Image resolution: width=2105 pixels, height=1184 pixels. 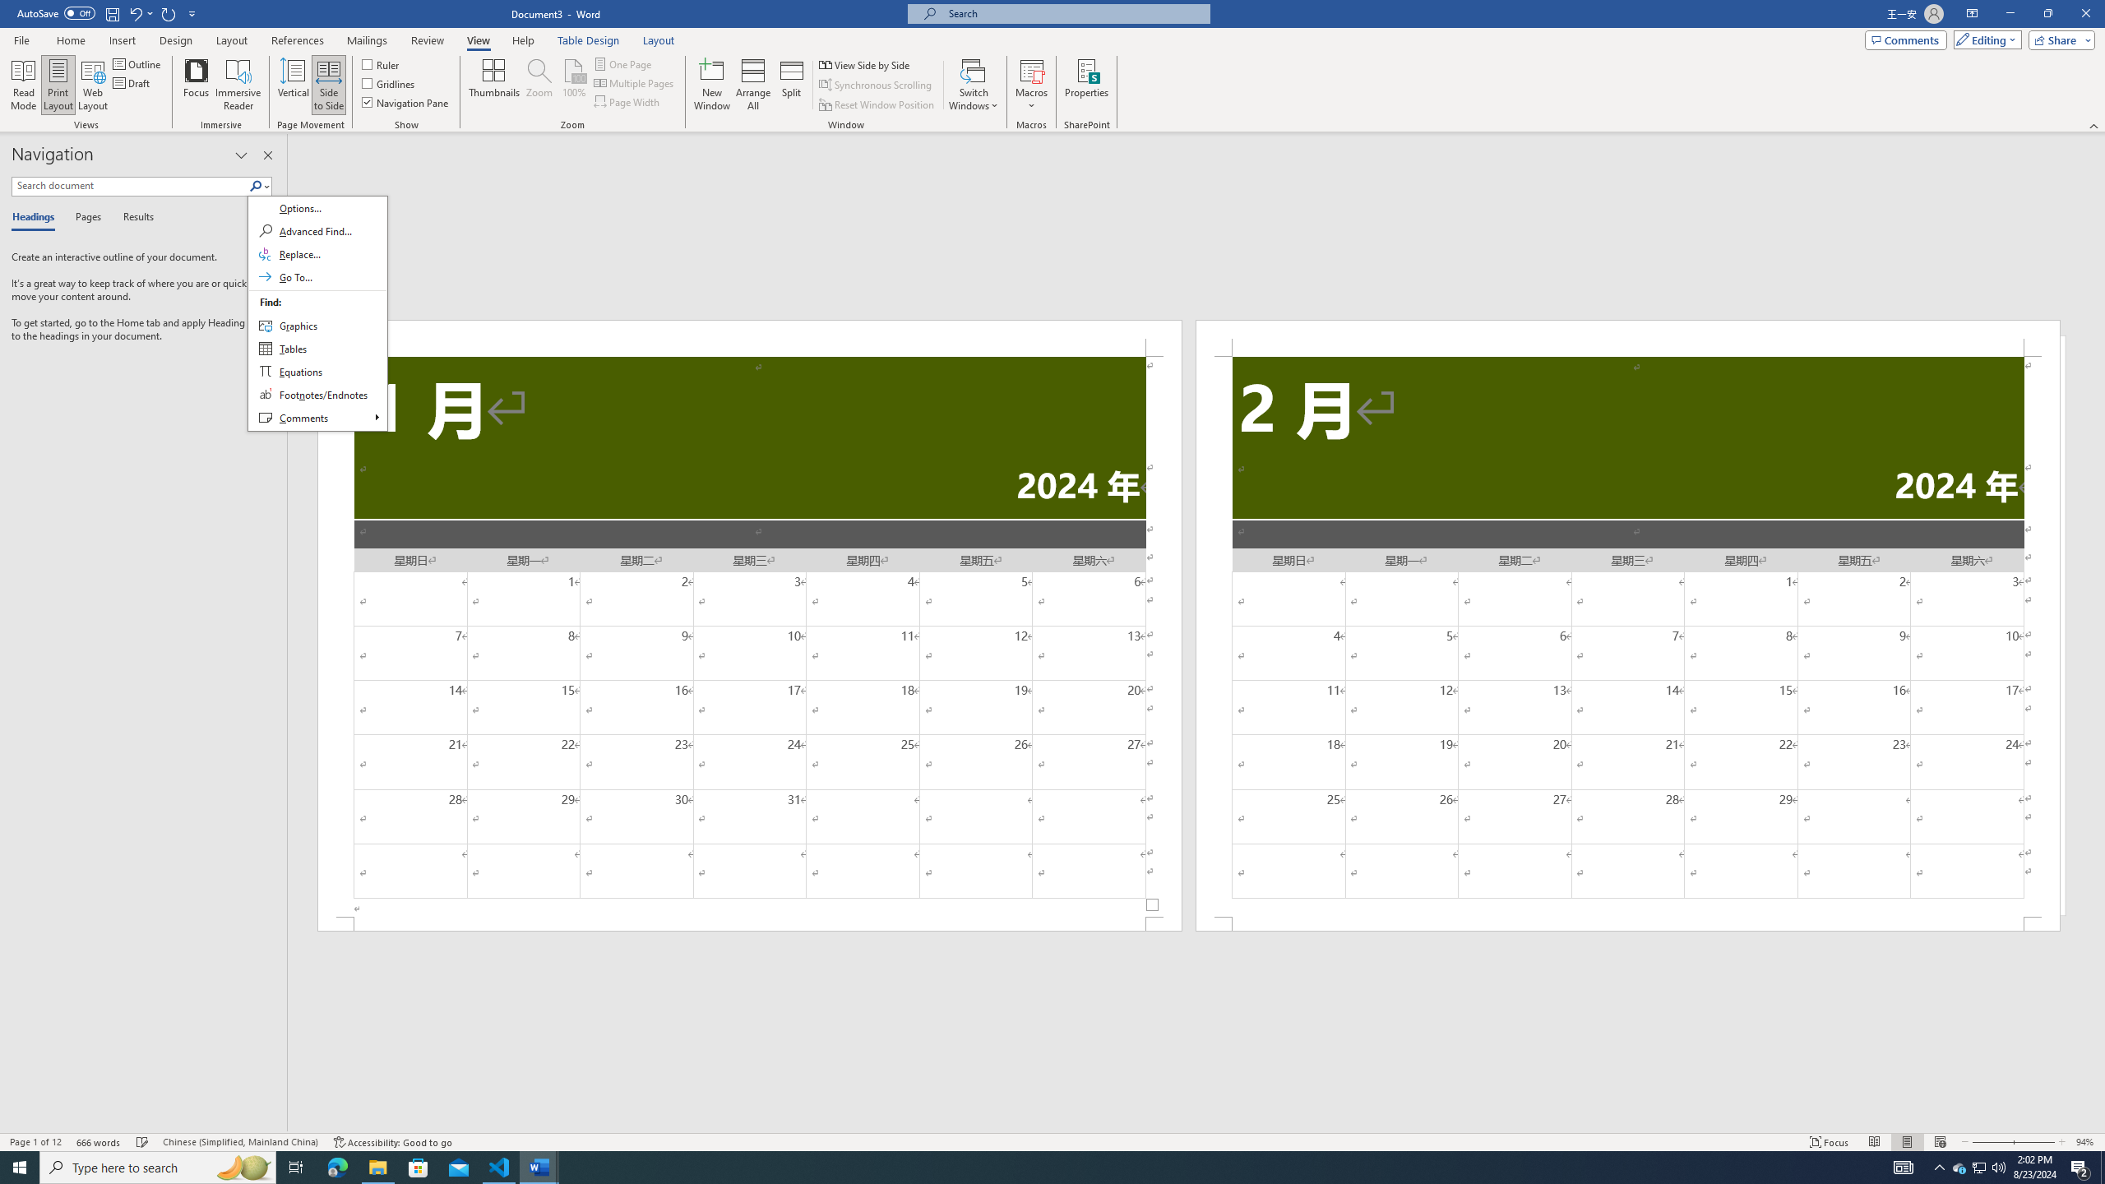 What do you see at coordinates (865, 64) in the screenshot?
I see `'View Side by Side'` at bounding box center [865, 64].